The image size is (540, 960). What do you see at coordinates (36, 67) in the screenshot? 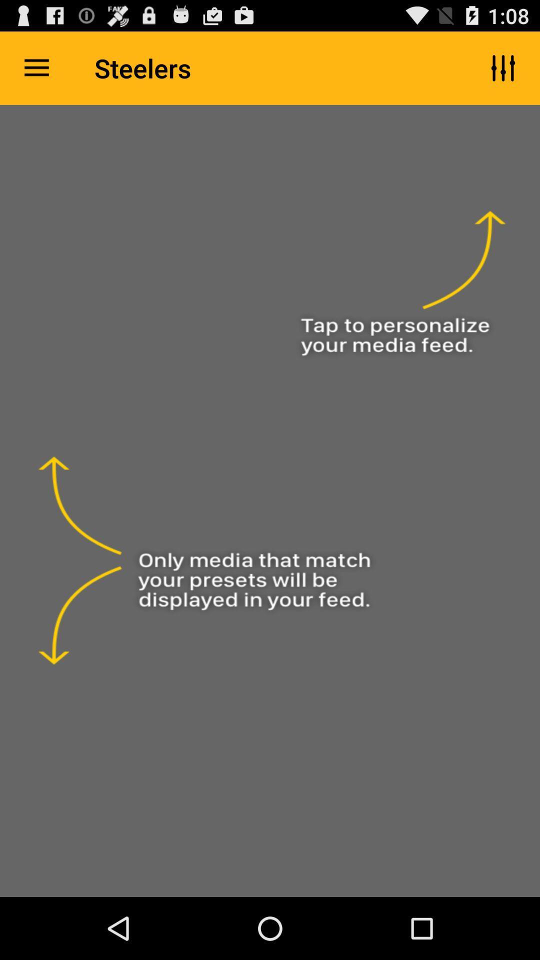
I see `icon to the left of steelers` at bounding box center [36, 67].